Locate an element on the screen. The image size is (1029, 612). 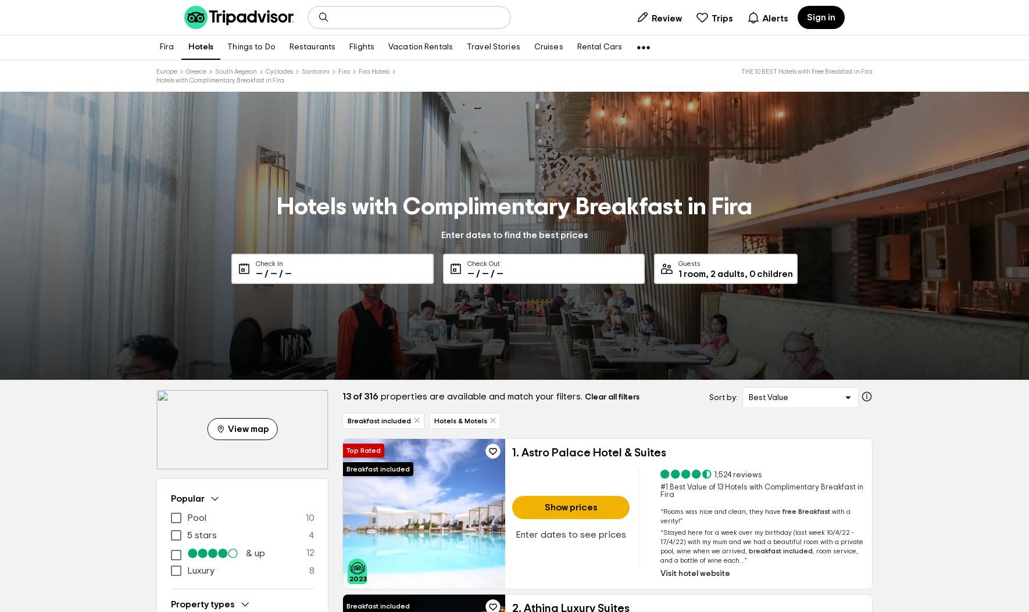
'& up' is located at coordinates (255, 553).